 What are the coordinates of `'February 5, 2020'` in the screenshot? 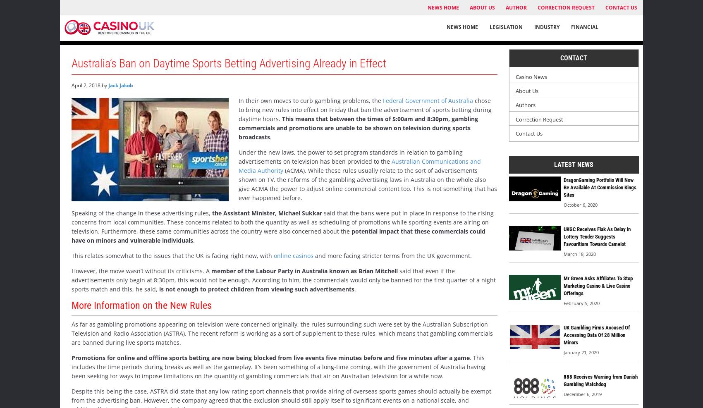 It's located at (563, 302).